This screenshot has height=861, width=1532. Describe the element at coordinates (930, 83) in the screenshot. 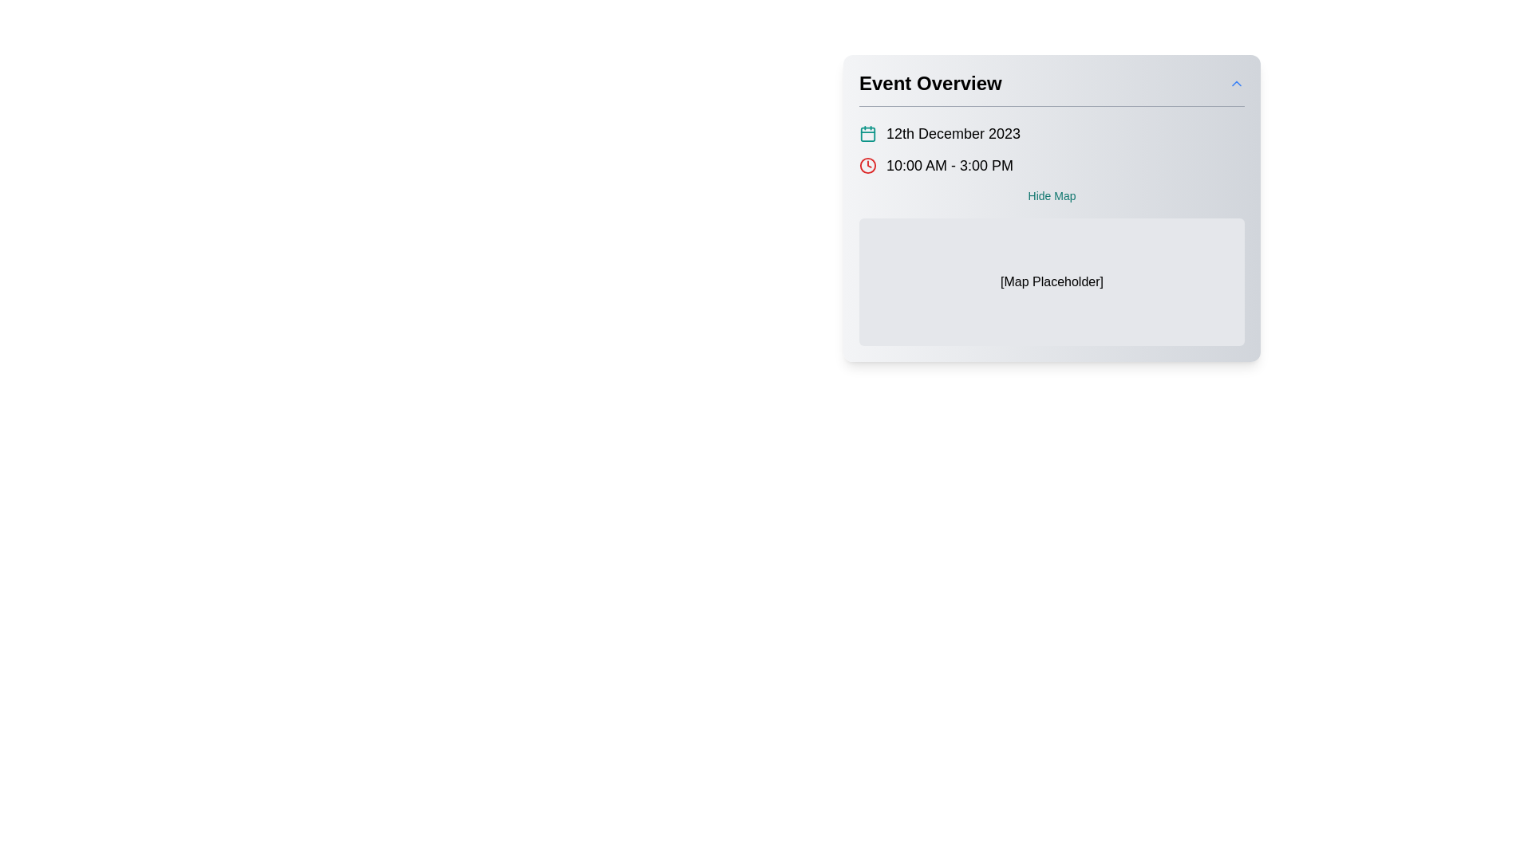

I see `text content of the prominently styled 'Event Overview' text label located at the top-left corner of the header bar` at that location.